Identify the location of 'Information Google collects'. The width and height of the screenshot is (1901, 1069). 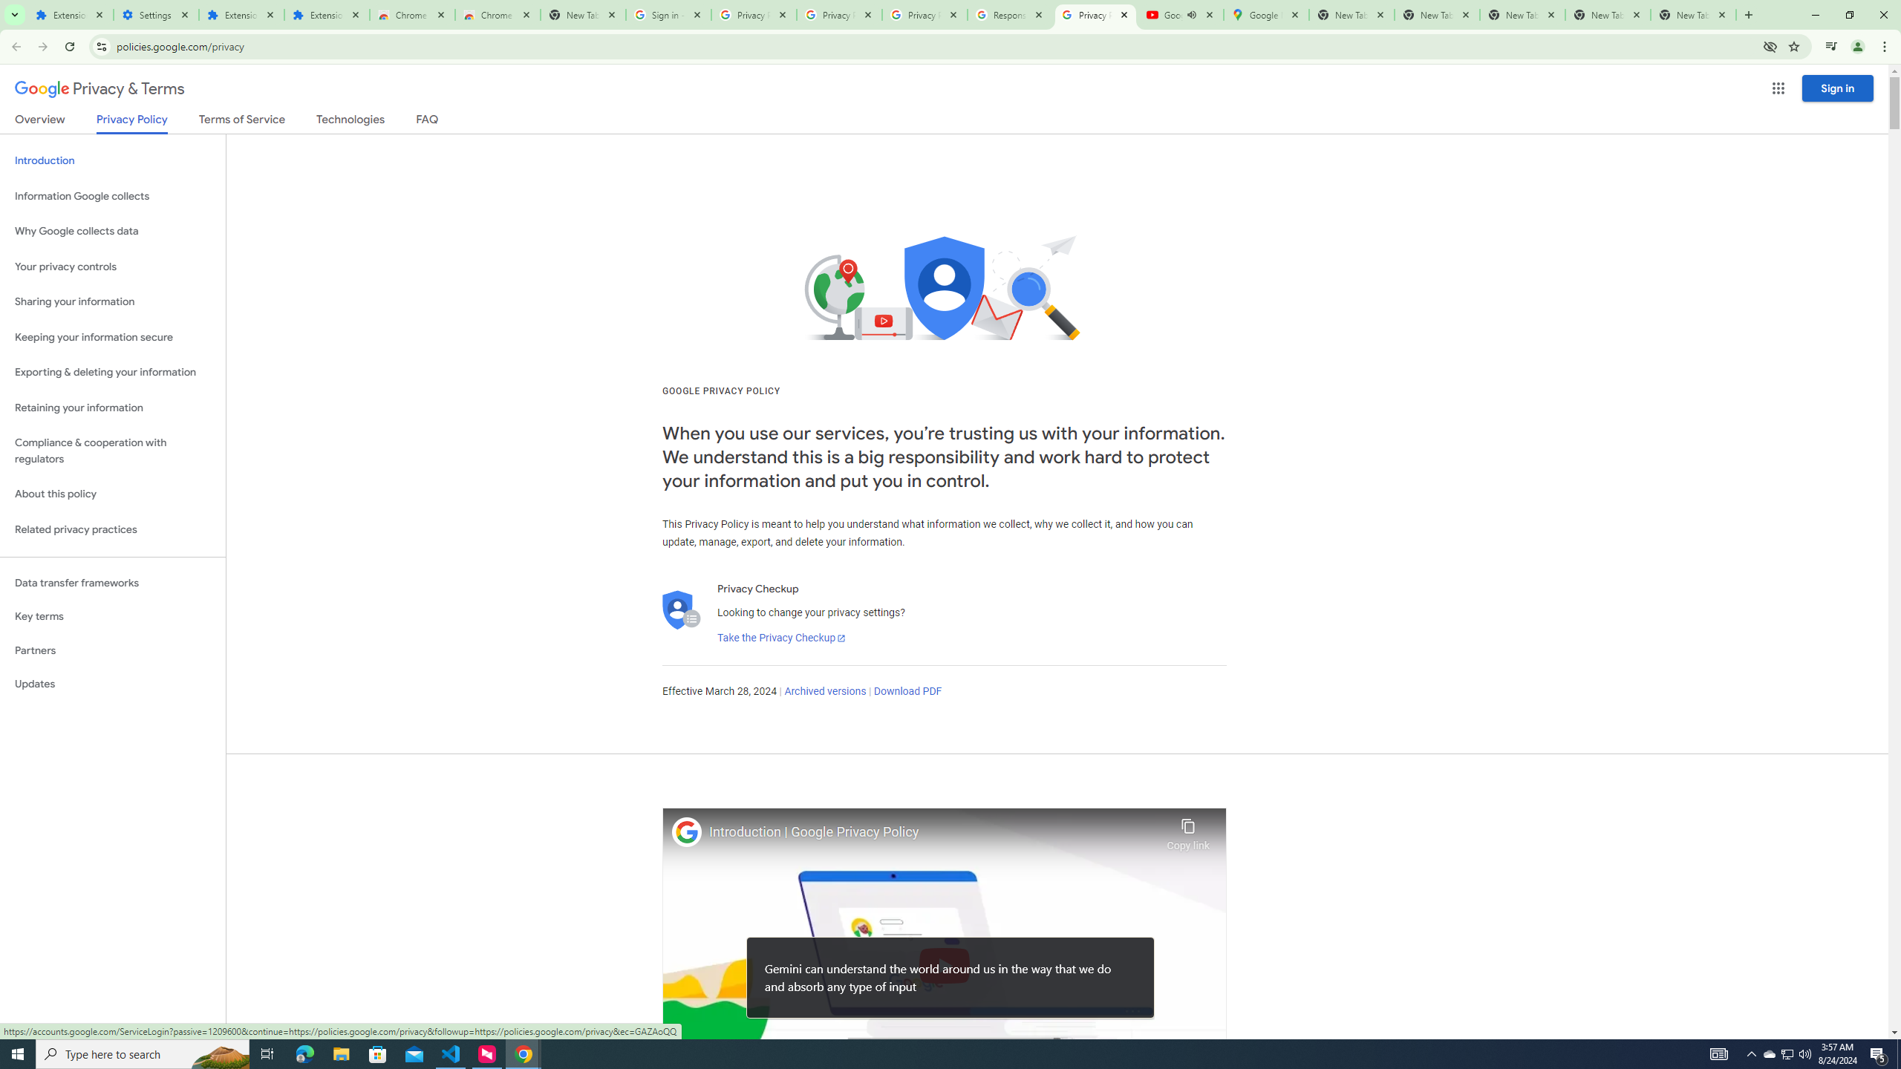
(112, 196).